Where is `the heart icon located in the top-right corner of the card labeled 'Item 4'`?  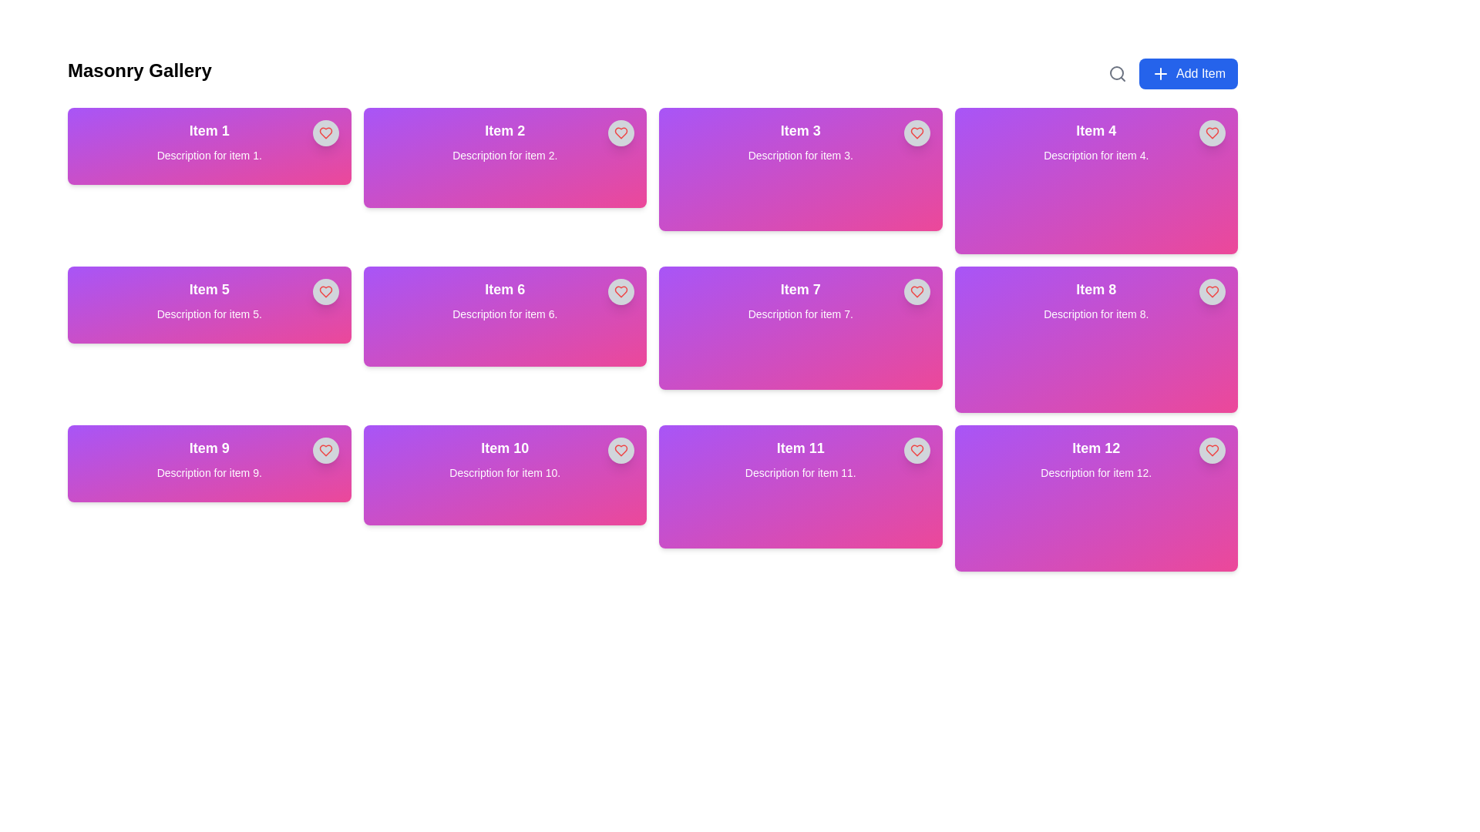 the heart icon located in the top-right corner of the card labeled 'Item 4' is located at coordinates (1212, 133).